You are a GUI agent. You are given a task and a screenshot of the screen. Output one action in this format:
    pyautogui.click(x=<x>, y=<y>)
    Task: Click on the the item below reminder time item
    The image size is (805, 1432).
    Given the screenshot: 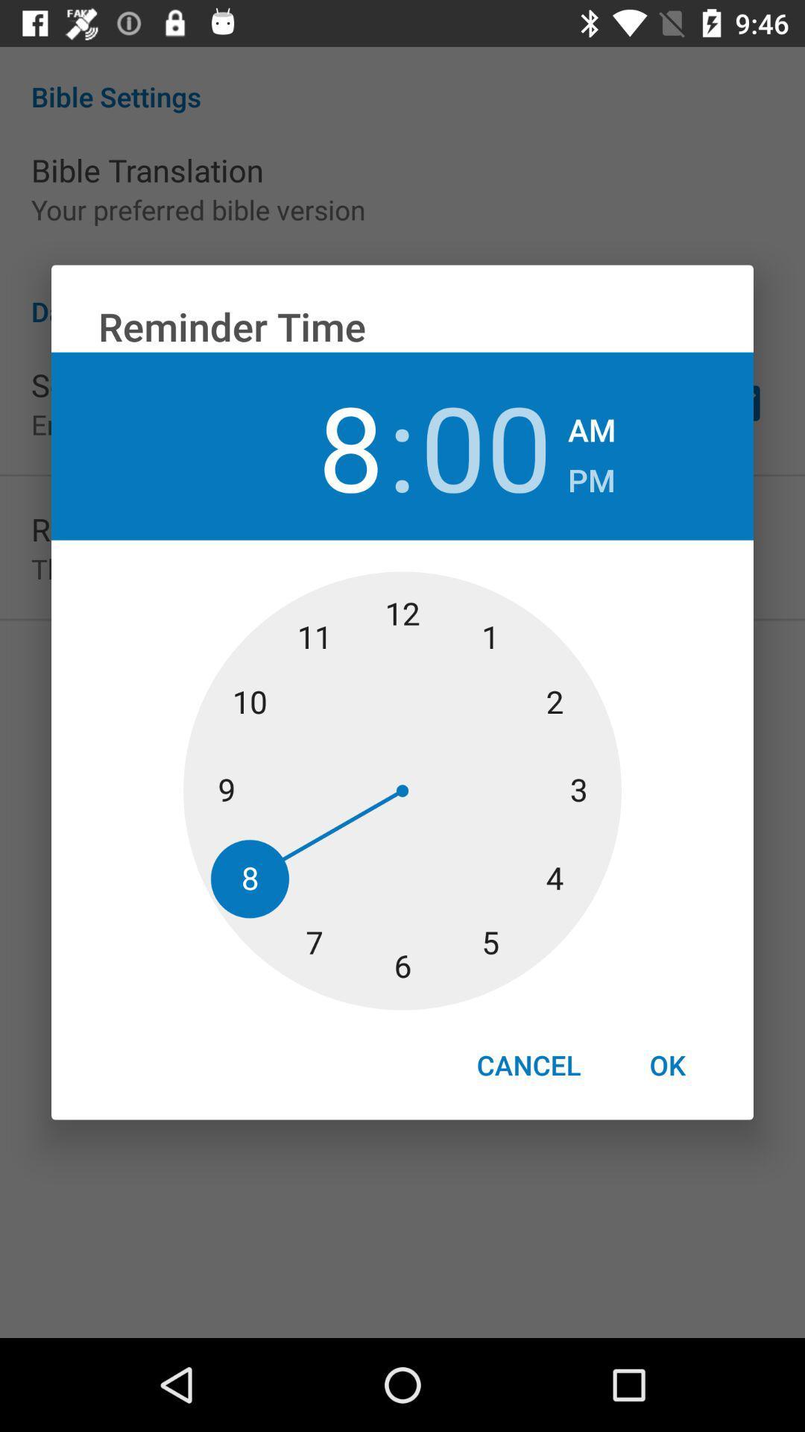 What is the action you would take?
    pyautogui.click(x=591, y=424)
    